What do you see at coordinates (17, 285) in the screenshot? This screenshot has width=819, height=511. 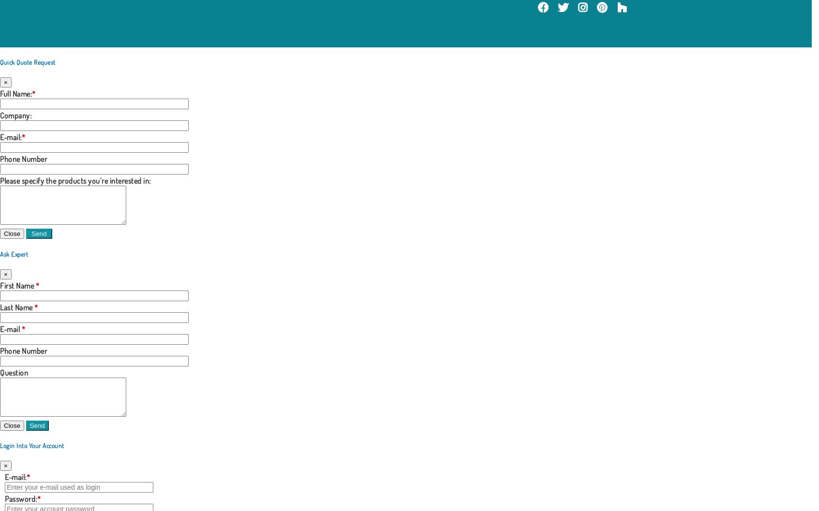 I see `'First Name'` at bounding box center [17, 285].